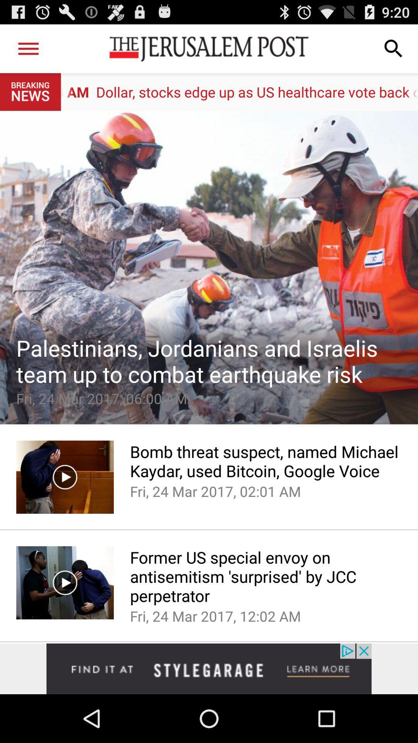 The image size is (418, 743). What do you see at coordinates (209, 668) in the screenshot?
I see `advertisement` at bounding box center [209, 668].